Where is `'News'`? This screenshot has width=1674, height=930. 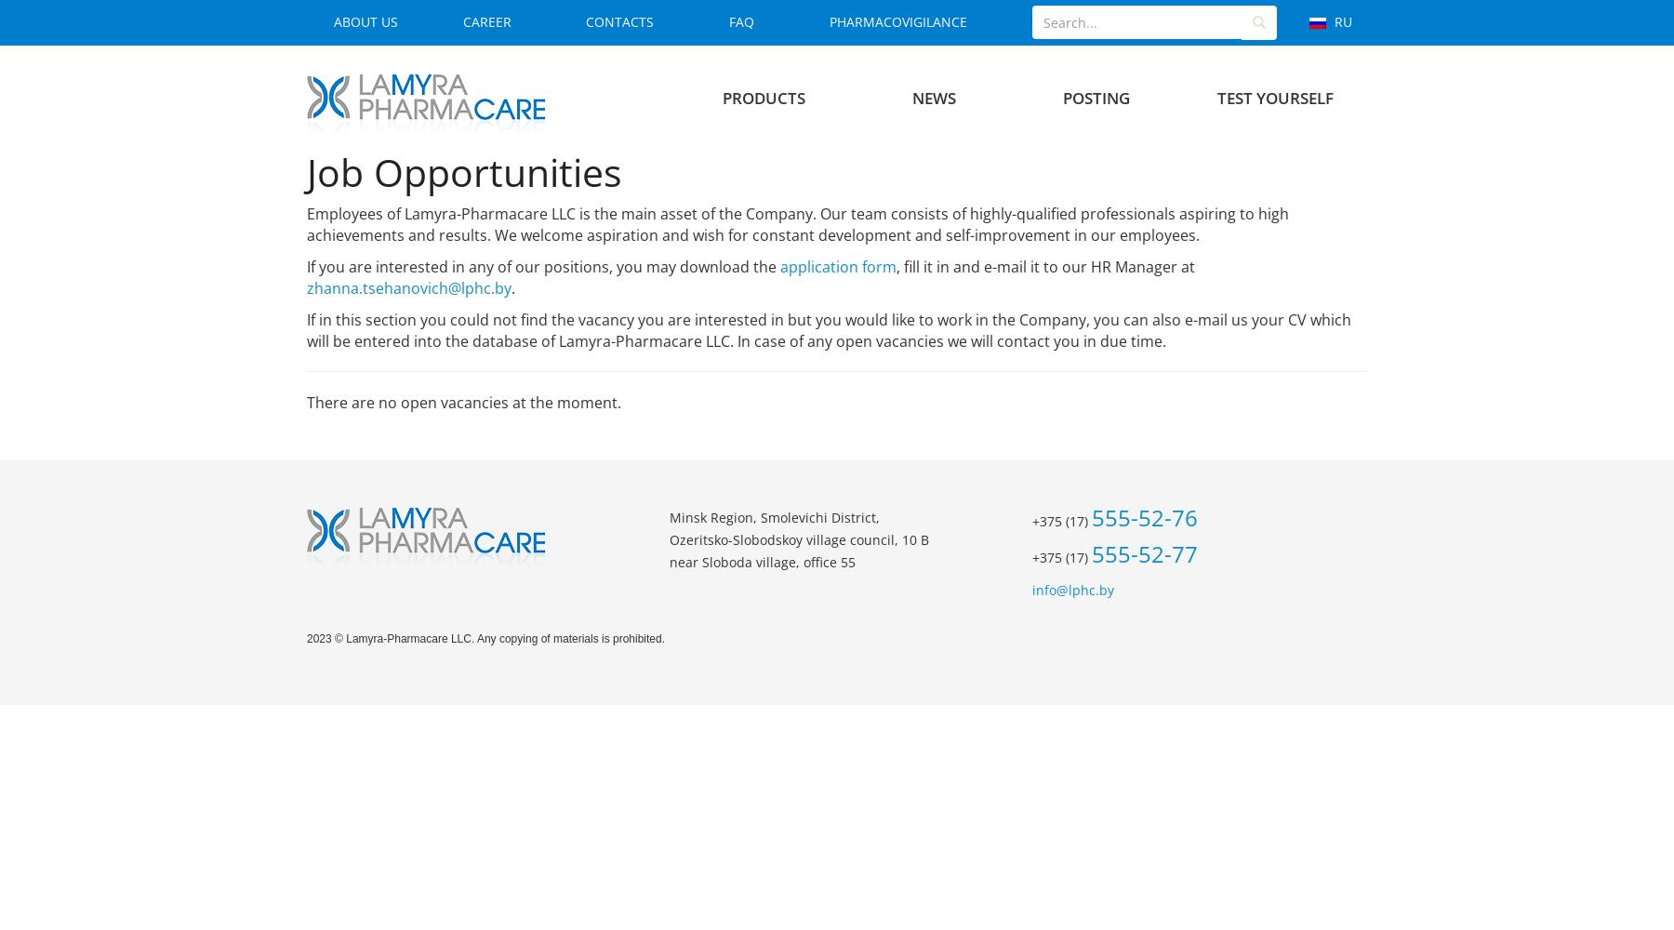 'News' is located at coordinates (911, 97).